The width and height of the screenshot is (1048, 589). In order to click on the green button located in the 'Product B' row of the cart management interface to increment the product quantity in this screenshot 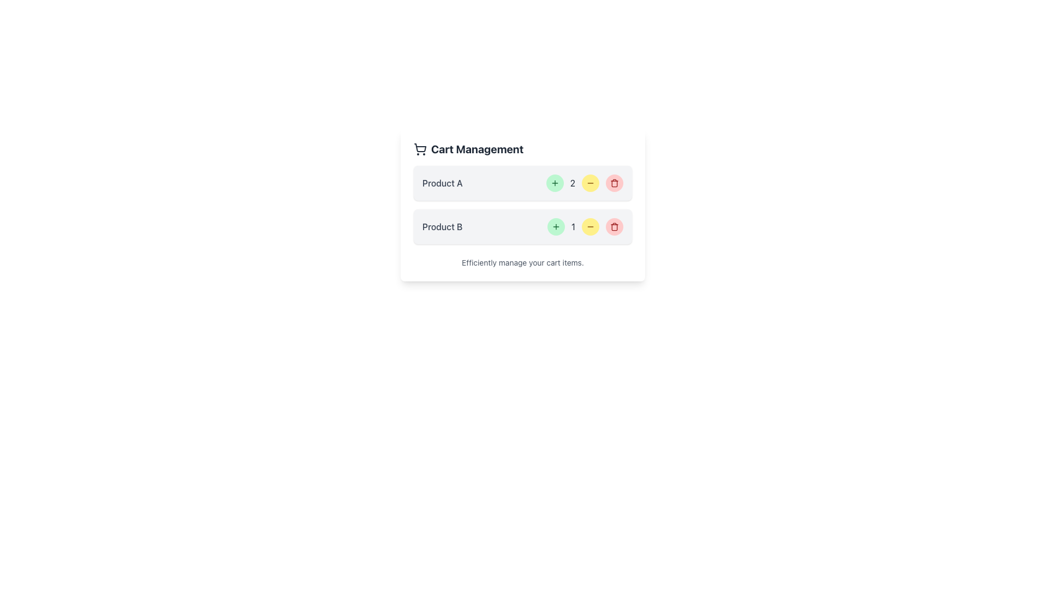, I will do `click(555, 182)`.